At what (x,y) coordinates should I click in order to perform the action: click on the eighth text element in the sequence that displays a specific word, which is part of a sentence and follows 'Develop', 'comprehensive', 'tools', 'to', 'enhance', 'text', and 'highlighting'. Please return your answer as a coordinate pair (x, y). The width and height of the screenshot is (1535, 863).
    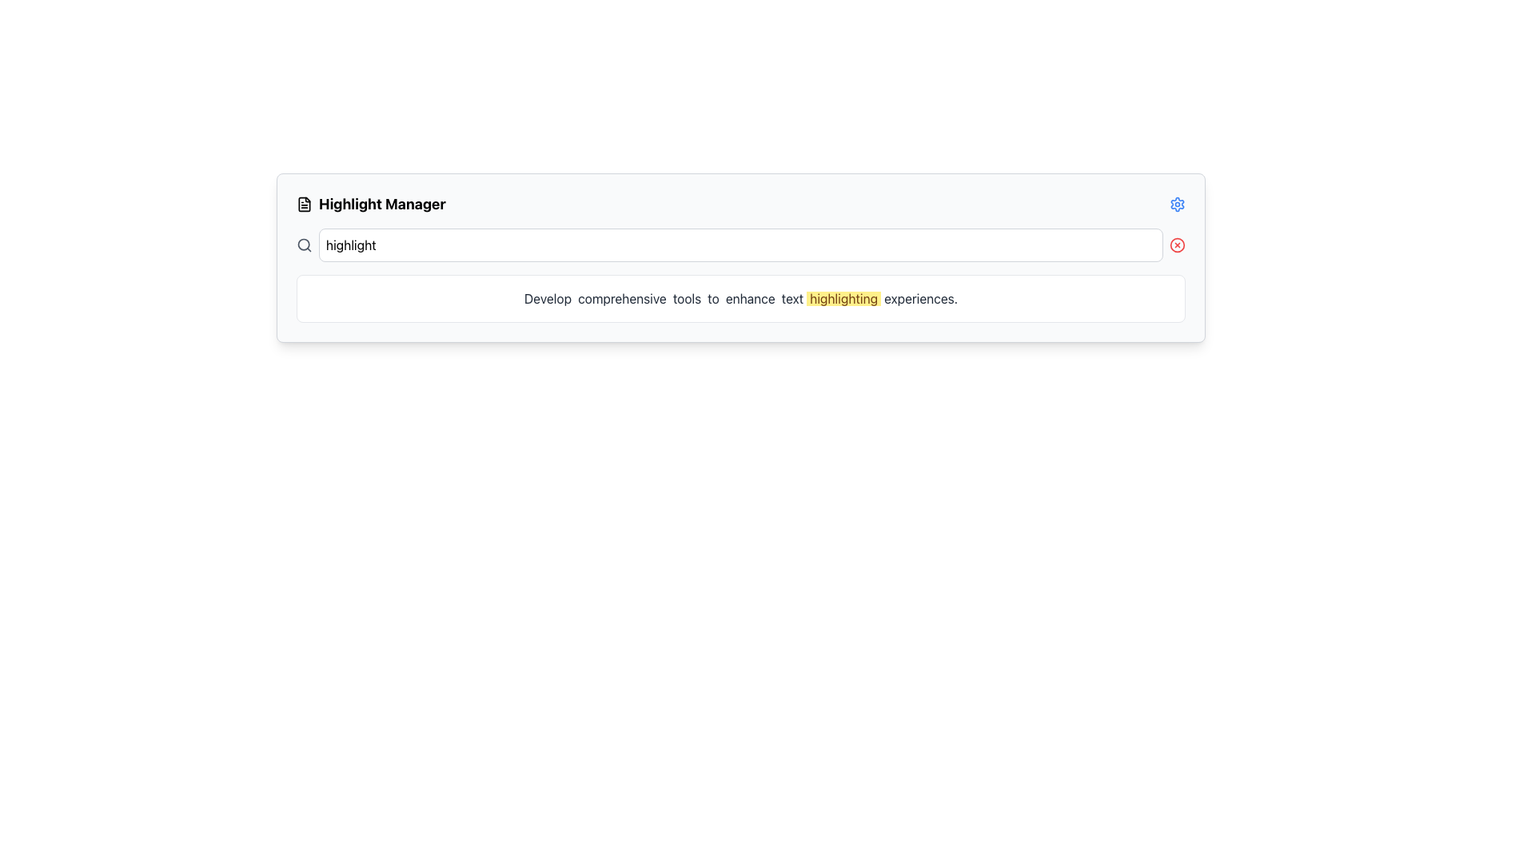
    Looking at the image, I should click on (921, 299).